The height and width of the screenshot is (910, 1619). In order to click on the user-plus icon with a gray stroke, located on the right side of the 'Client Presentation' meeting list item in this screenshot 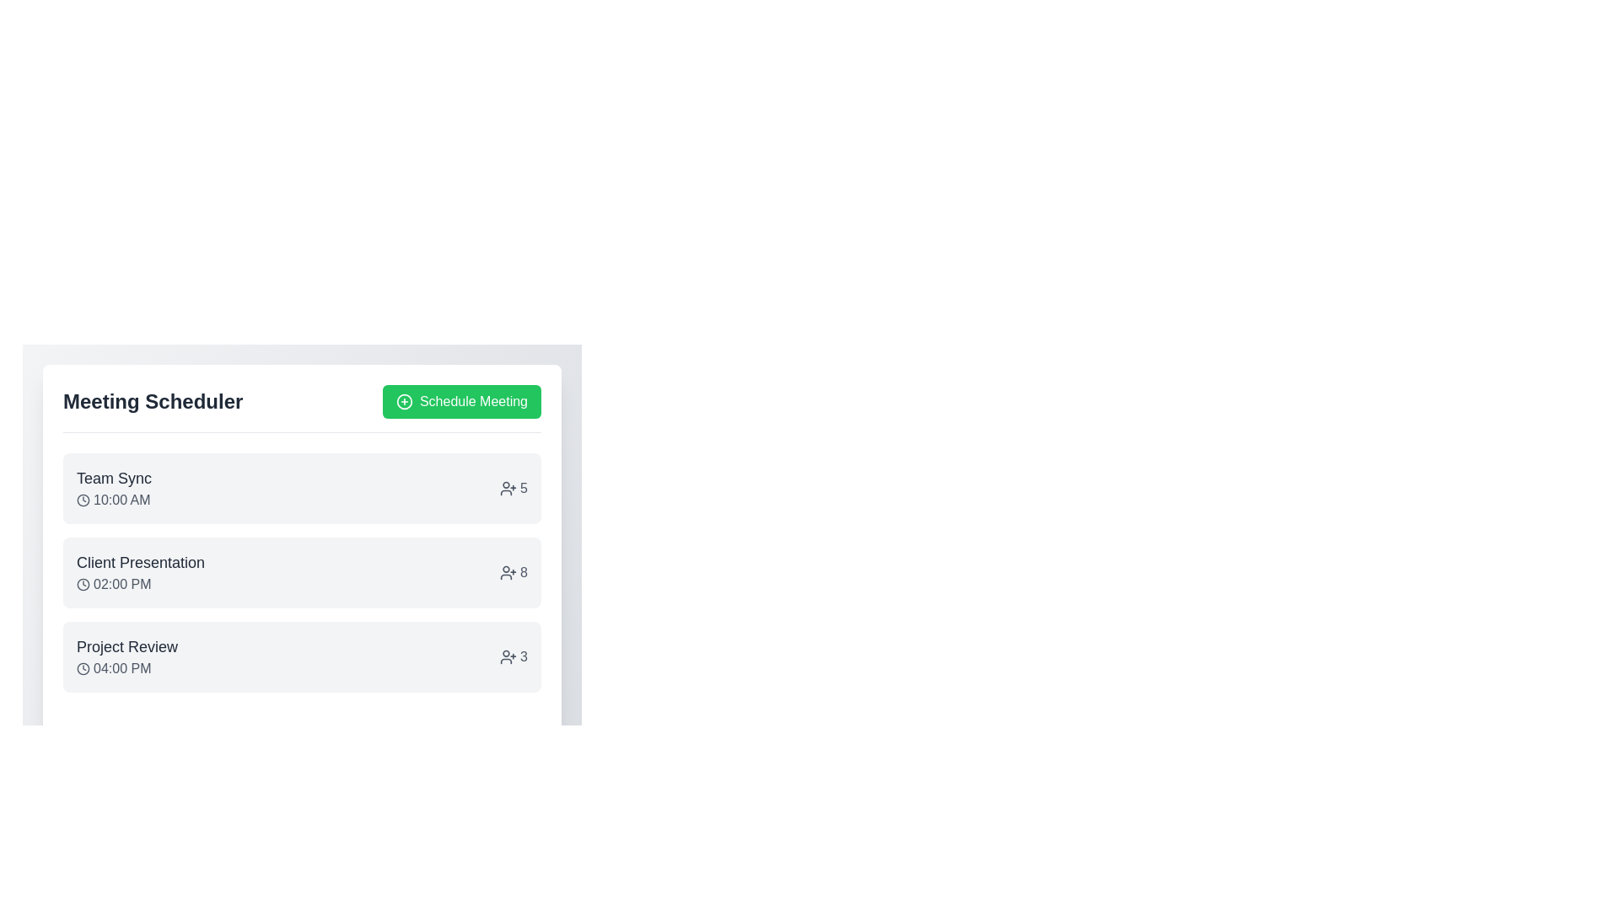, I will do `click(508, 571)`.